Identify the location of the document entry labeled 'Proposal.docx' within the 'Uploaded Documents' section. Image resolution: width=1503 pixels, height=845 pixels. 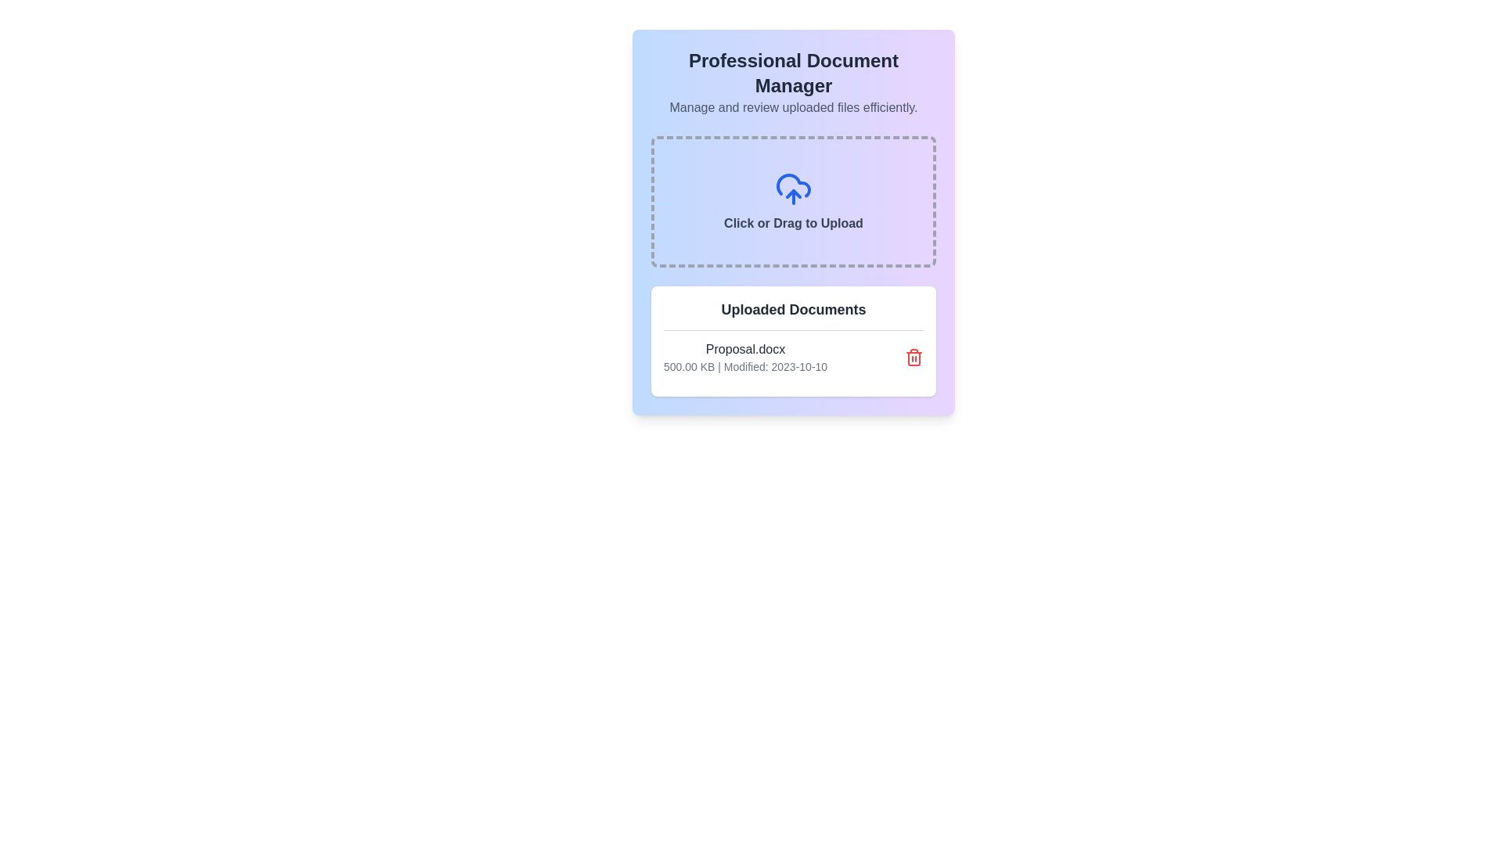
(793, 357).